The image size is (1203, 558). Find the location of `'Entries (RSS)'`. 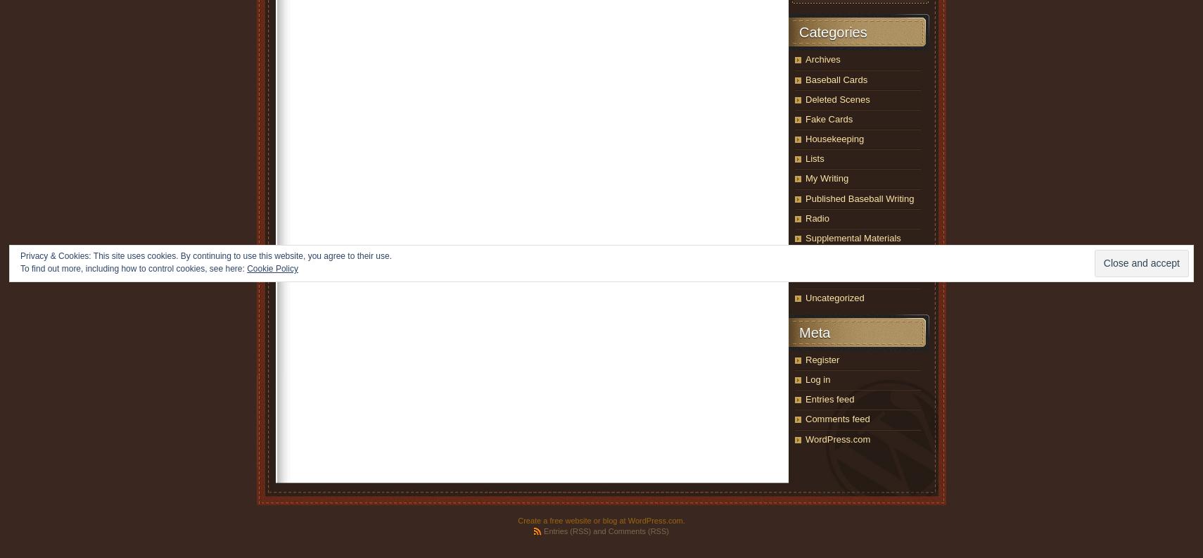

'Entries (RSS)' is located at coordinates (567, 531).